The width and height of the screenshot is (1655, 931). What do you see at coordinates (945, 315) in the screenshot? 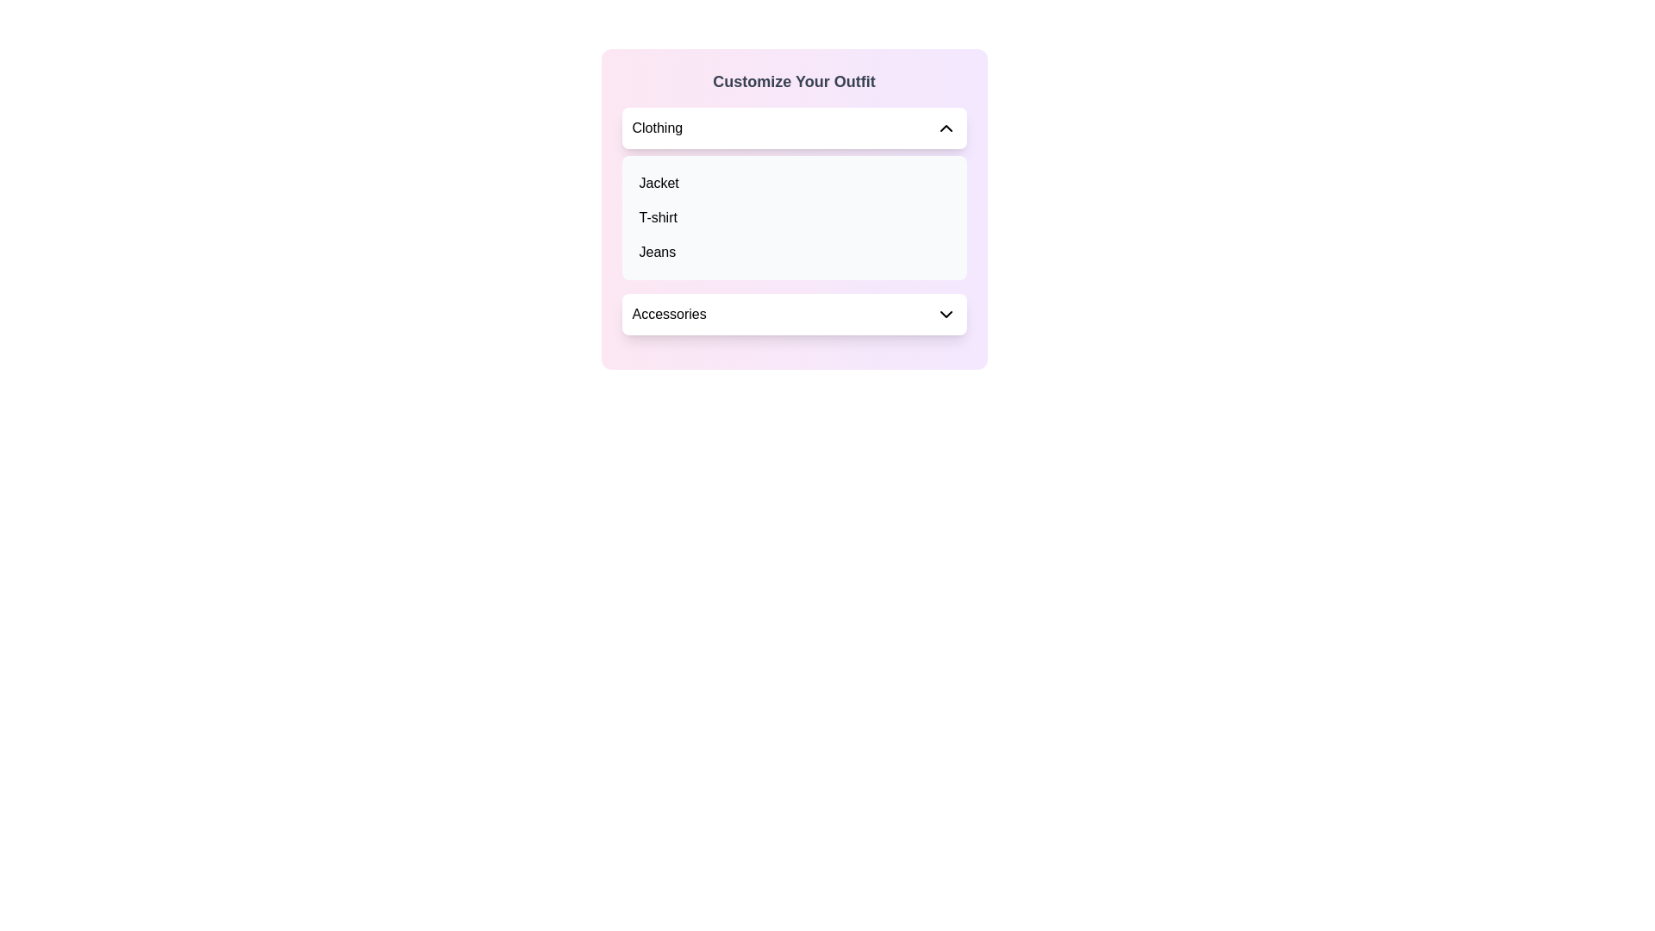
I see `the chevron-down SVG icon located on the right side of the 'Accessories' section` at bounding box center [945, 315].